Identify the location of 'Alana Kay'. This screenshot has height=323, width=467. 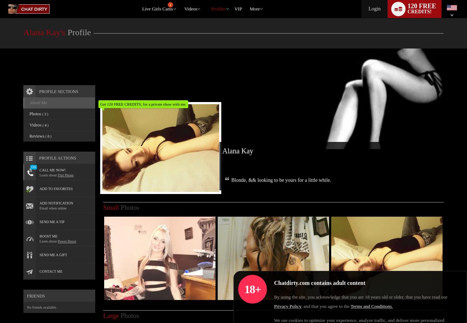
(229, 142).